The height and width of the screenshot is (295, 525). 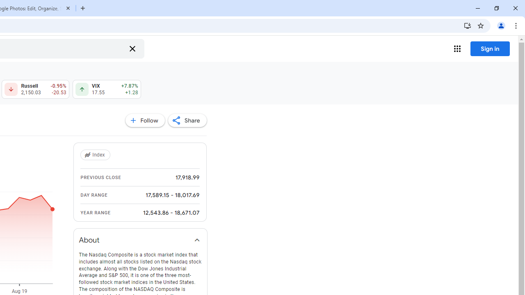 What do you see at coordinates (187, 120) in the screenshot?
I see `'Share'` at bounding box center [187, 120].